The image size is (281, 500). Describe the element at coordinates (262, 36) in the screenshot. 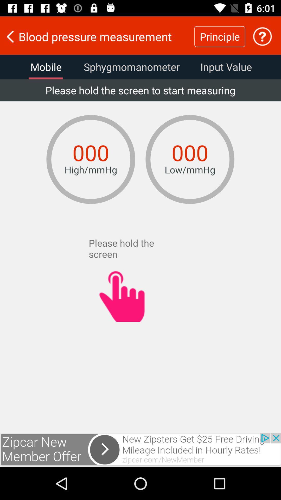

I see `the help icone` at that location.